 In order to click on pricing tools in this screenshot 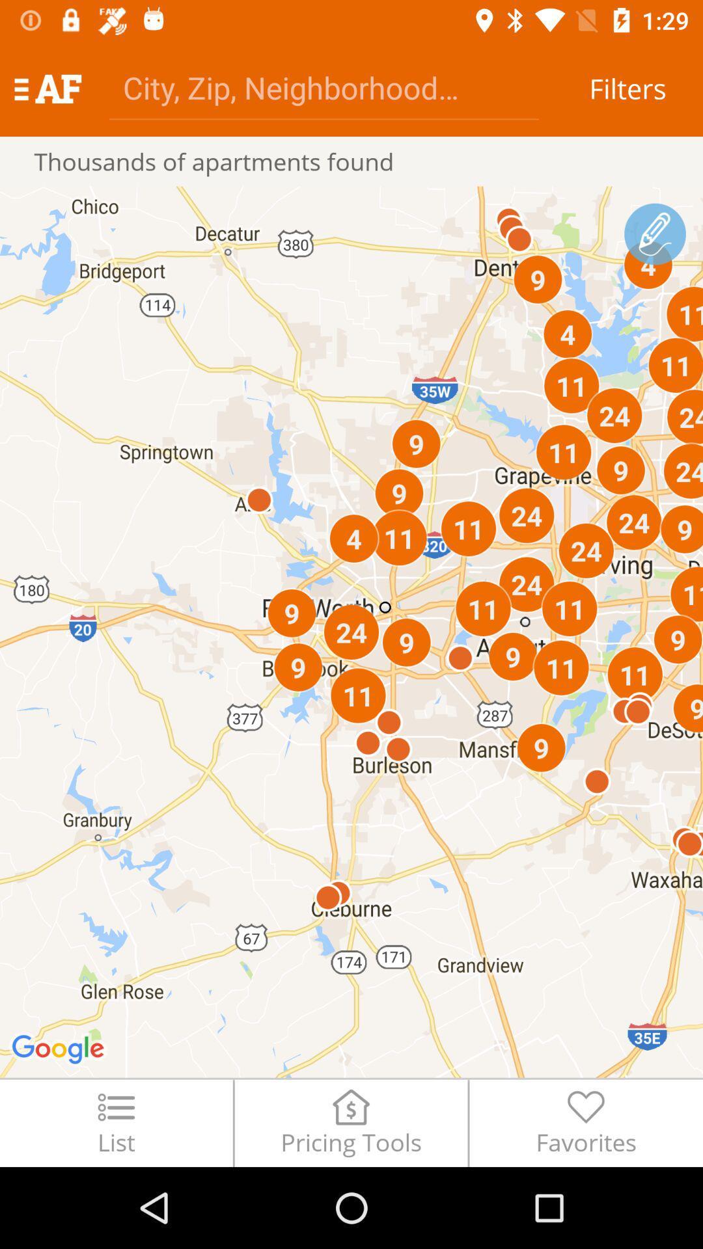, I will do `click(350, 1122)`.